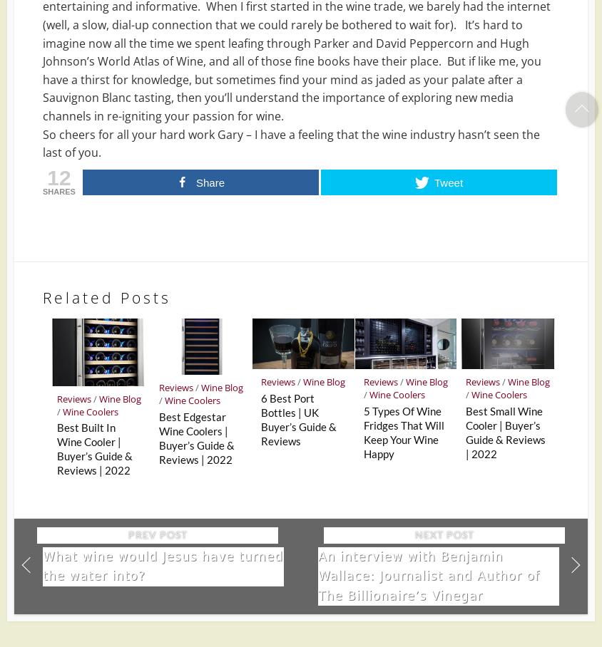  What do you see at coordinates (58, 176) in the screenshot?
I see `'12'` at bounding box center [58, 176].